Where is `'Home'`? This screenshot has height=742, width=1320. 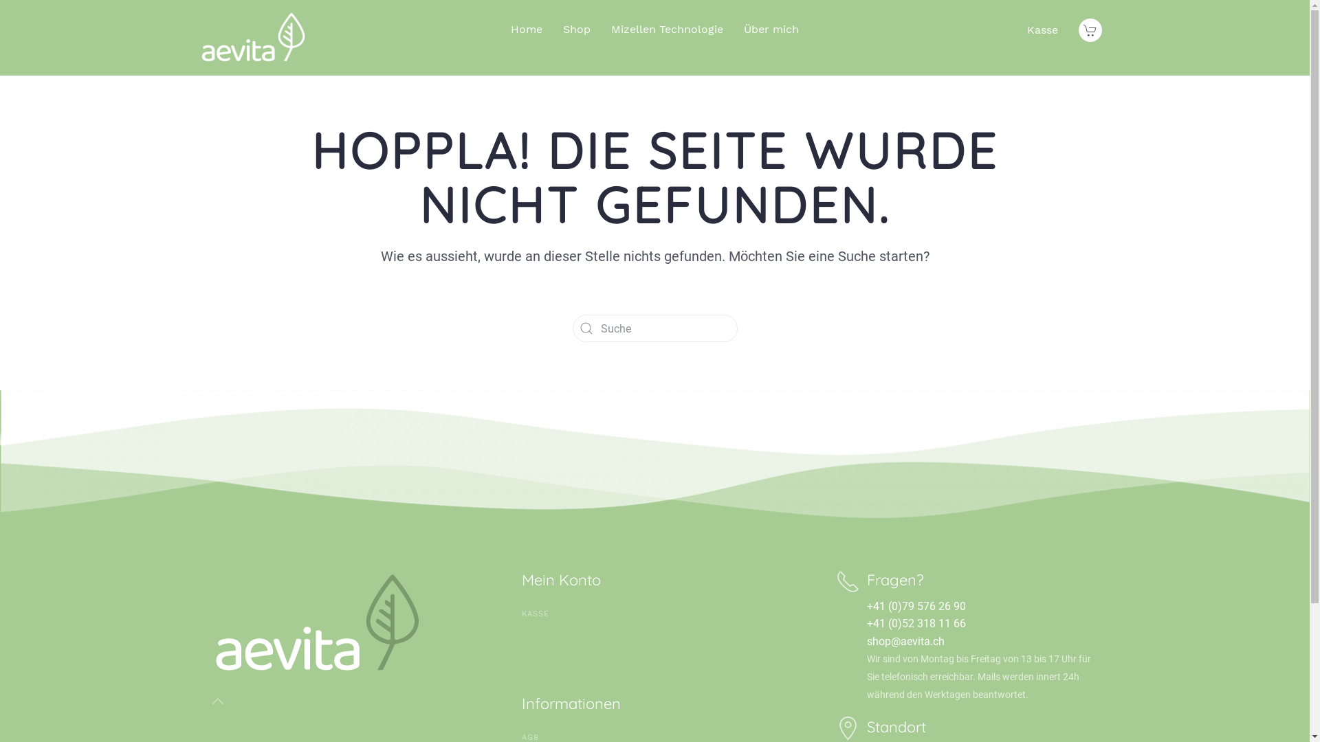 'Home' is located at coordinates (526, 29).